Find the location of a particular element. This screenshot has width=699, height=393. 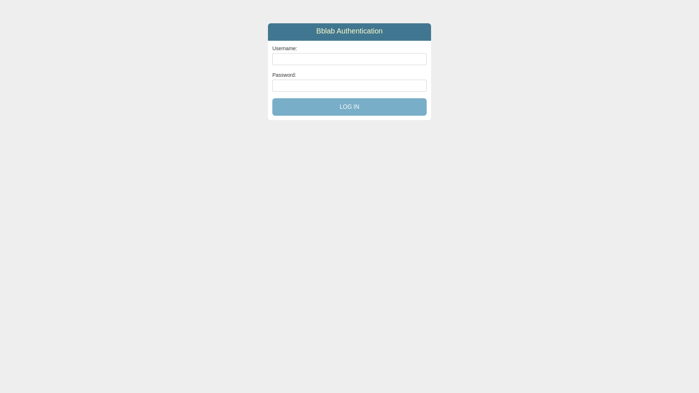

'LOG IN' is located at coordinates (349, 107).